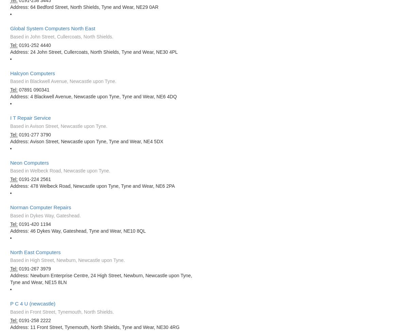  What do you see at coordinates (34, 268) in the screenshot?
I see `'0191-267 3979'` at bounding box center [34, 268].